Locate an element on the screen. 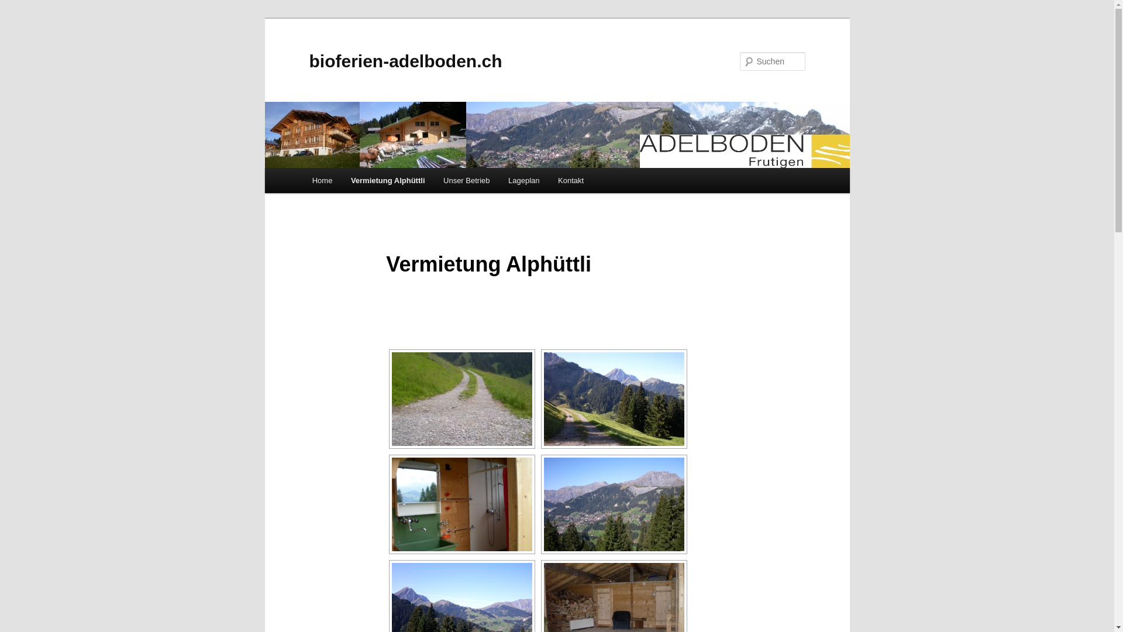 The height and width of the screenshot is (632, 1123). 'bioferien-adelboden.ch' is located at coordinates (405, 61).